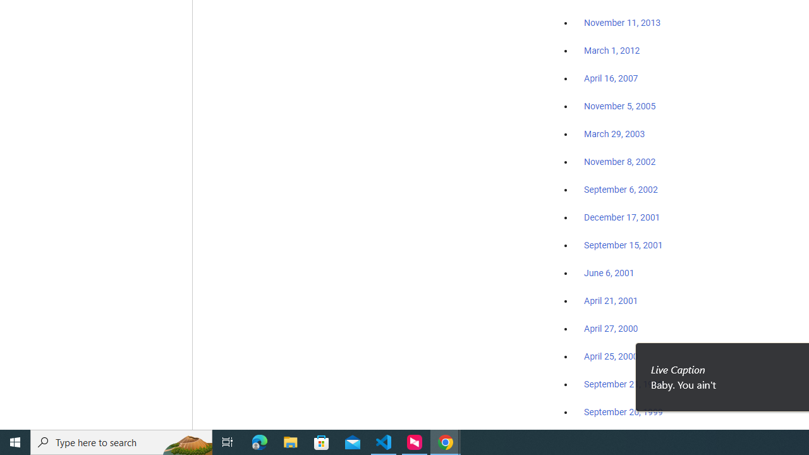 The image size is (809, 455). Describe the element at coordinates (622, 216) in the screenshot. I see `'December 17, 2001'` at that location.